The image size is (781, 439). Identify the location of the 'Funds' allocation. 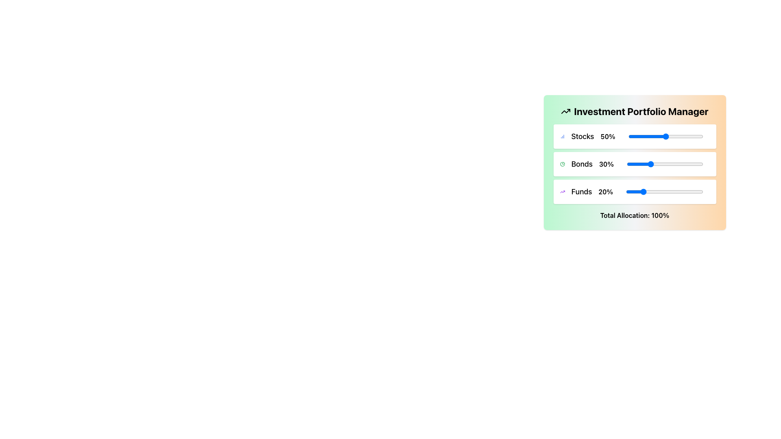
(647, 191).